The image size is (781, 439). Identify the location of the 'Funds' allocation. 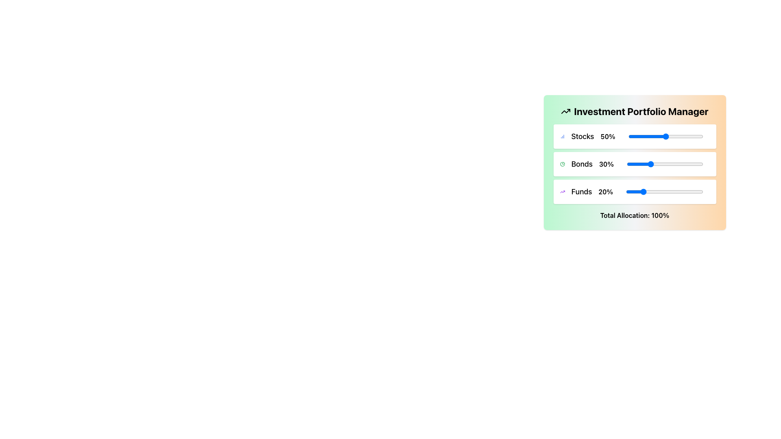
(647, 191).